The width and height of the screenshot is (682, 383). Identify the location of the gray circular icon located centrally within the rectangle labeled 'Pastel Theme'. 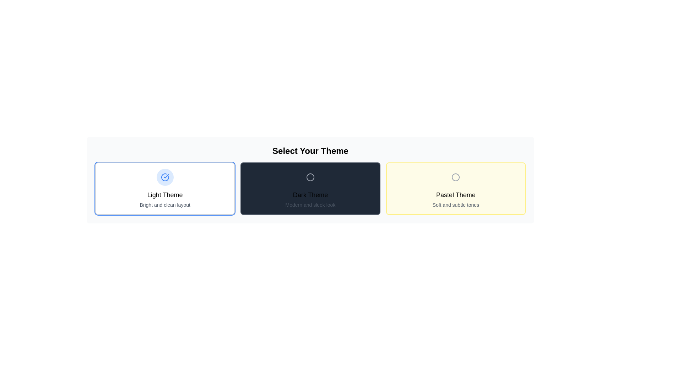
(456, 177).